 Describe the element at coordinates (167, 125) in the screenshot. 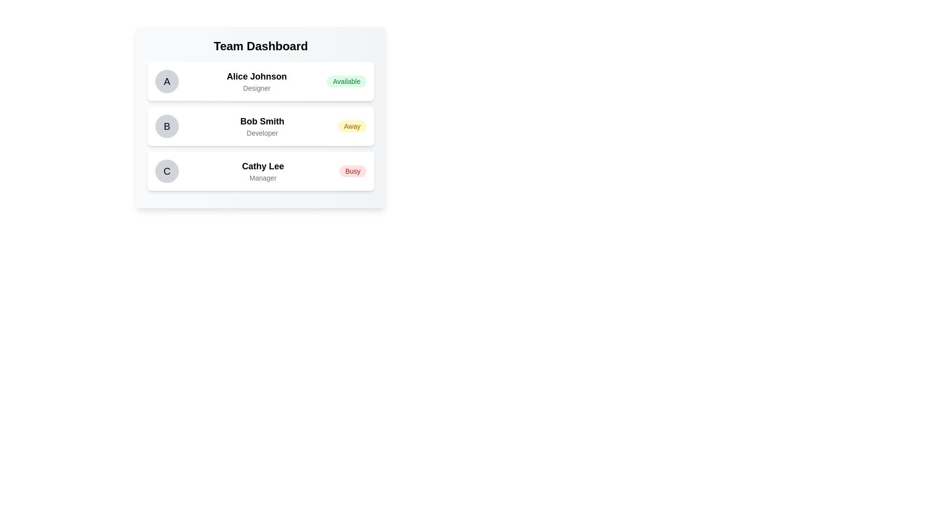

I see `the Avatar placeholder for 'Bob Smith', located at the far left of the grouping, serving as an indicator for the entity associated with the letter 'B'` at that location.